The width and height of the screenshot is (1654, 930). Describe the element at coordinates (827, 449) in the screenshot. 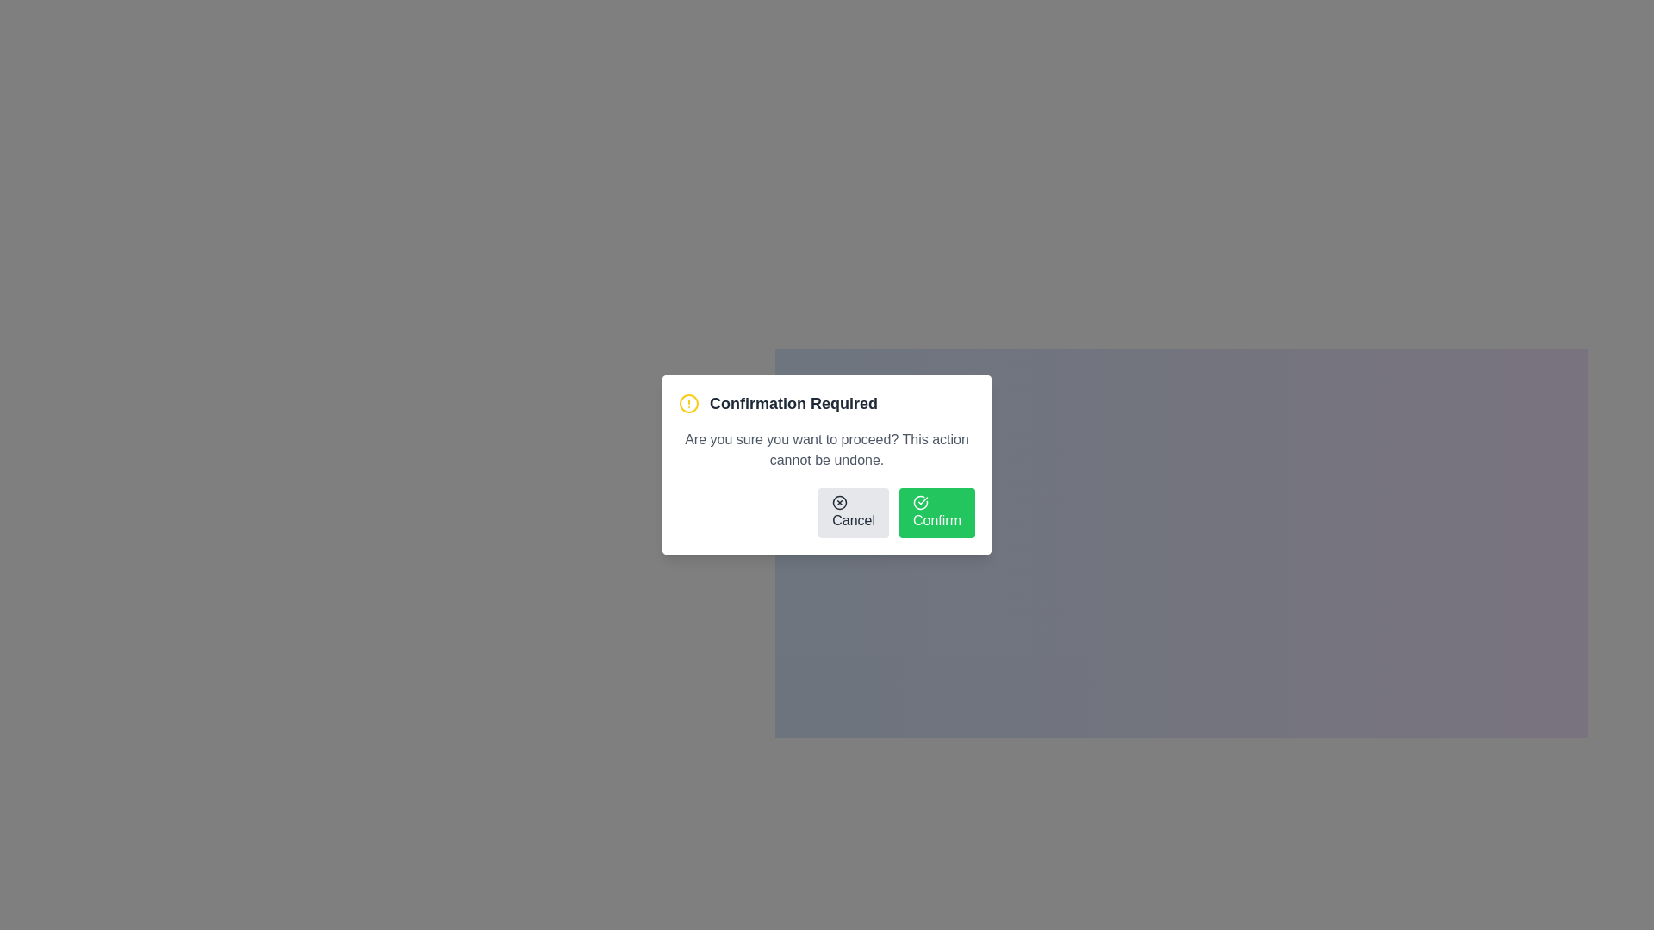

I see `the text block containing the message 'Are you sure you want to proceed? This action cannot be undone.' in the confirmation dialog` at that location.